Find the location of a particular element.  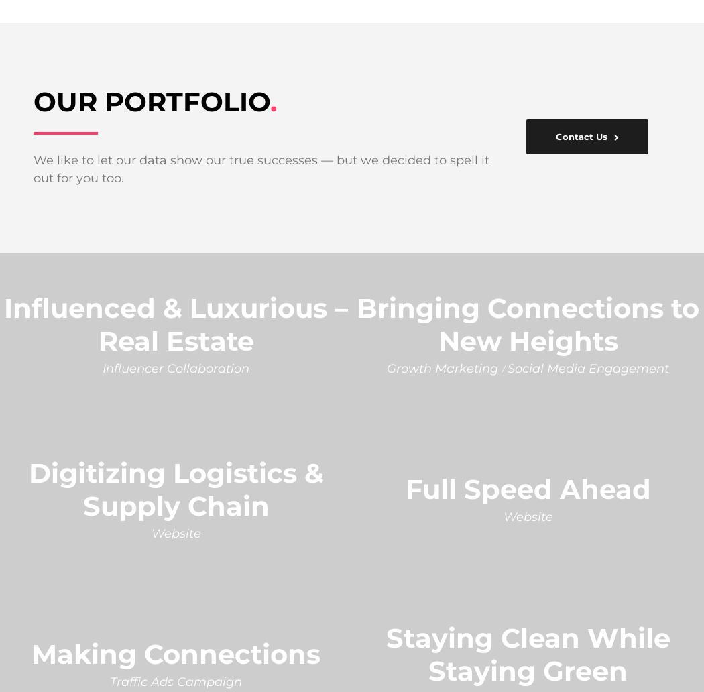

'Growth Marketing' is located at coordinates (442, 368).